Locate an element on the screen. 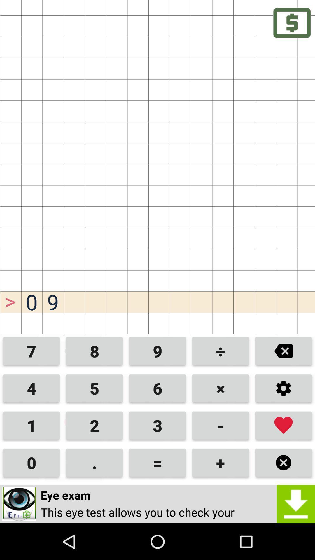 The image size is (315, 560). delete previous number is located at coordinates (283, 351).